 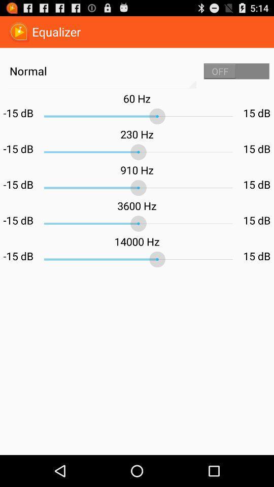 What do you see at coordinates (236, 71) in the screenshot?
I see `app to the right of normal icon` at bounding box center [236, 71].